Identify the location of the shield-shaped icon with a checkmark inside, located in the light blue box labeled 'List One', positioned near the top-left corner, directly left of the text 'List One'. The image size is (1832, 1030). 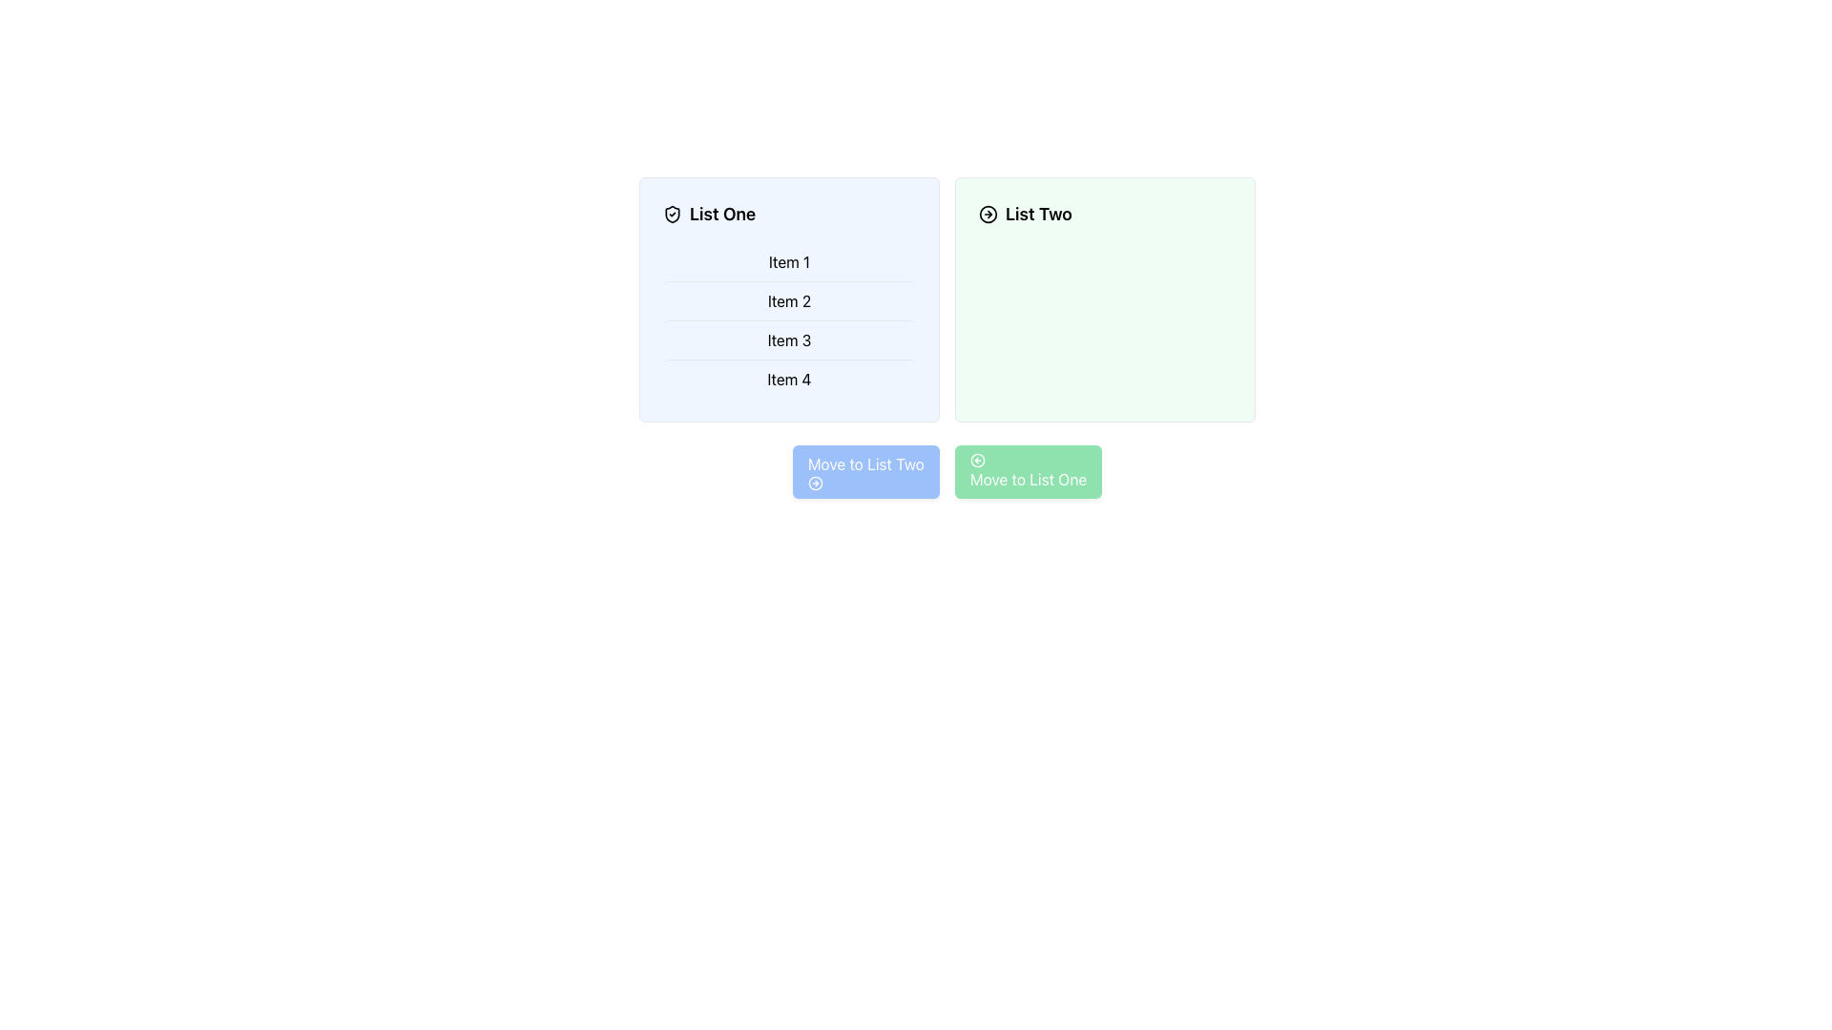
(673, 214).